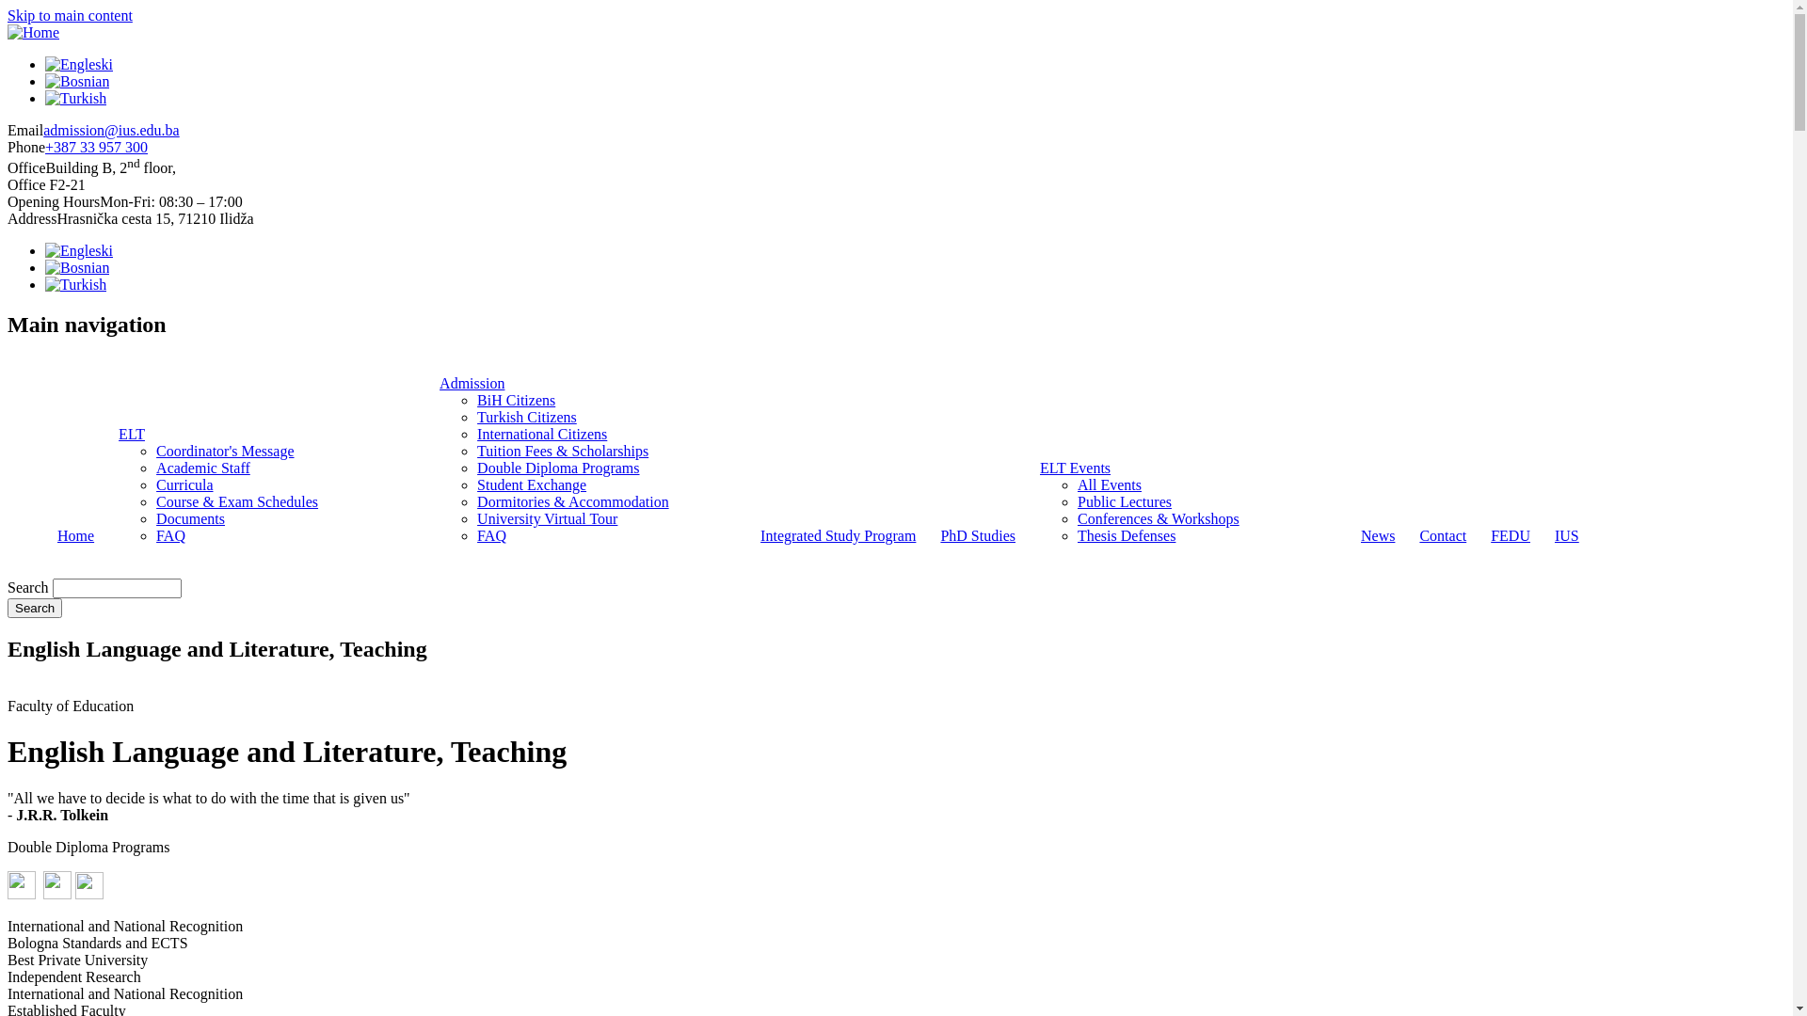 The width and height of the screenshot is (1807, 1016). Describe the element at coordinates (1157, 518) in the screenshot. I see `'Conferences & Workshops'` at that location.